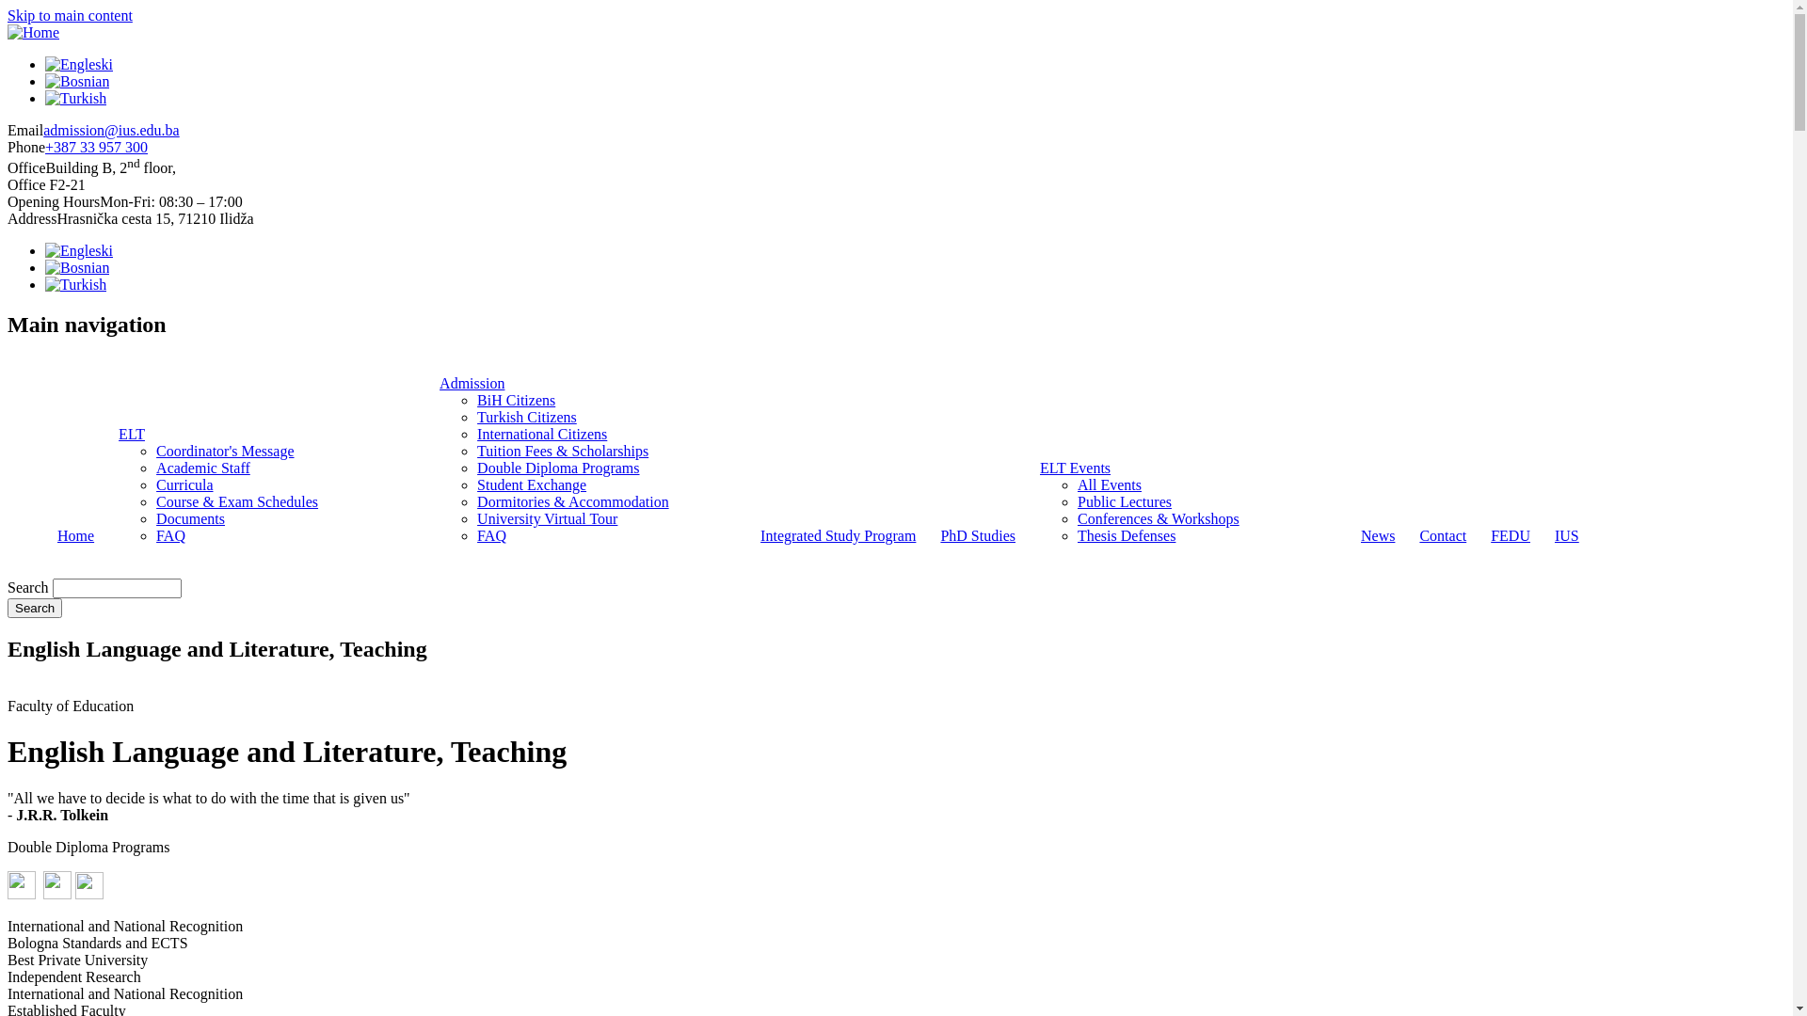 The width and height of the screenshot is (1807, 1016). Describe the element at coordinates (1157, 518) in the screenshot. I see `'Conferences & Workshops'` at that location.